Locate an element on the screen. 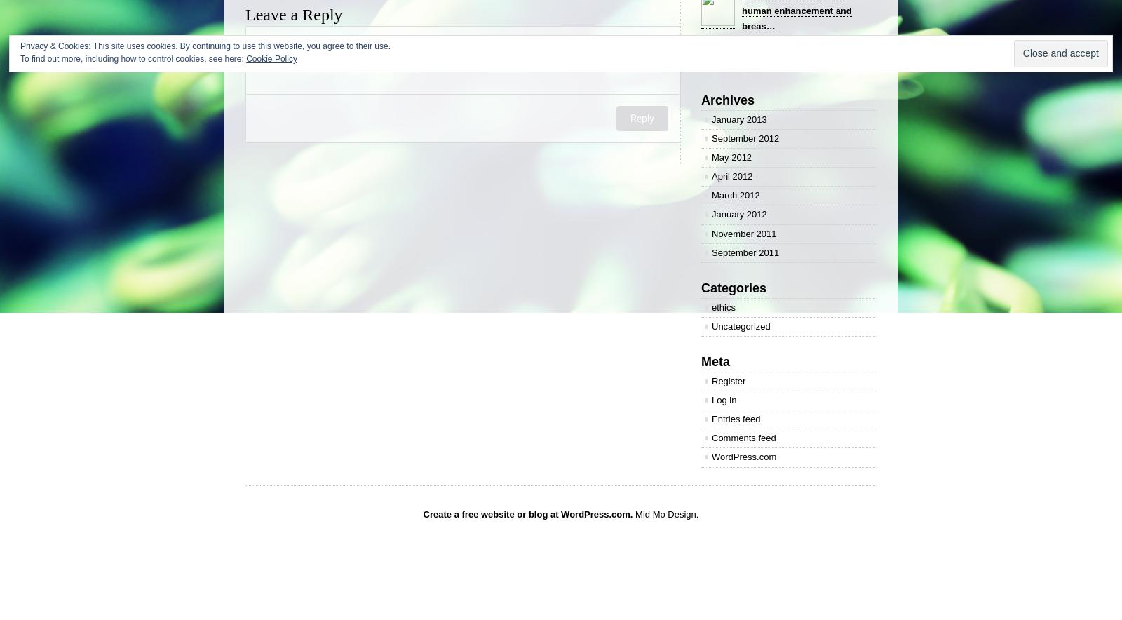 The image size is (1122, 620). 'January 2012' is located at coordinates (712, 214).